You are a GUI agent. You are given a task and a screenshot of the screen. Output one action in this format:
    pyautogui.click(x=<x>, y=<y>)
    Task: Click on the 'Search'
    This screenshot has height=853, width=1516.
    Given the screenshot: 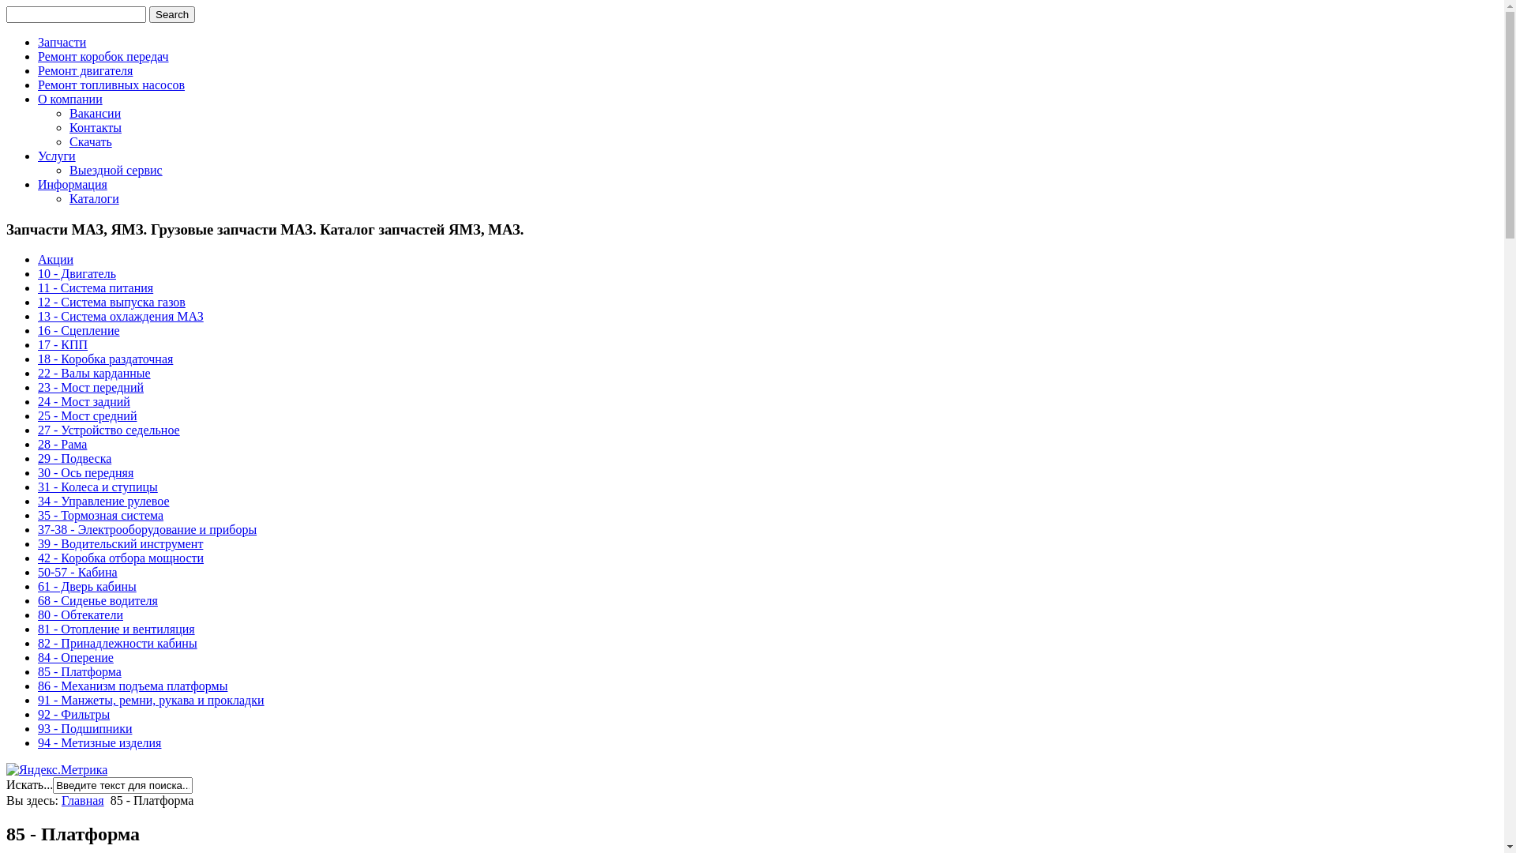 What is the action you would take?
    pyautogui.click(x=171, y=14)
    